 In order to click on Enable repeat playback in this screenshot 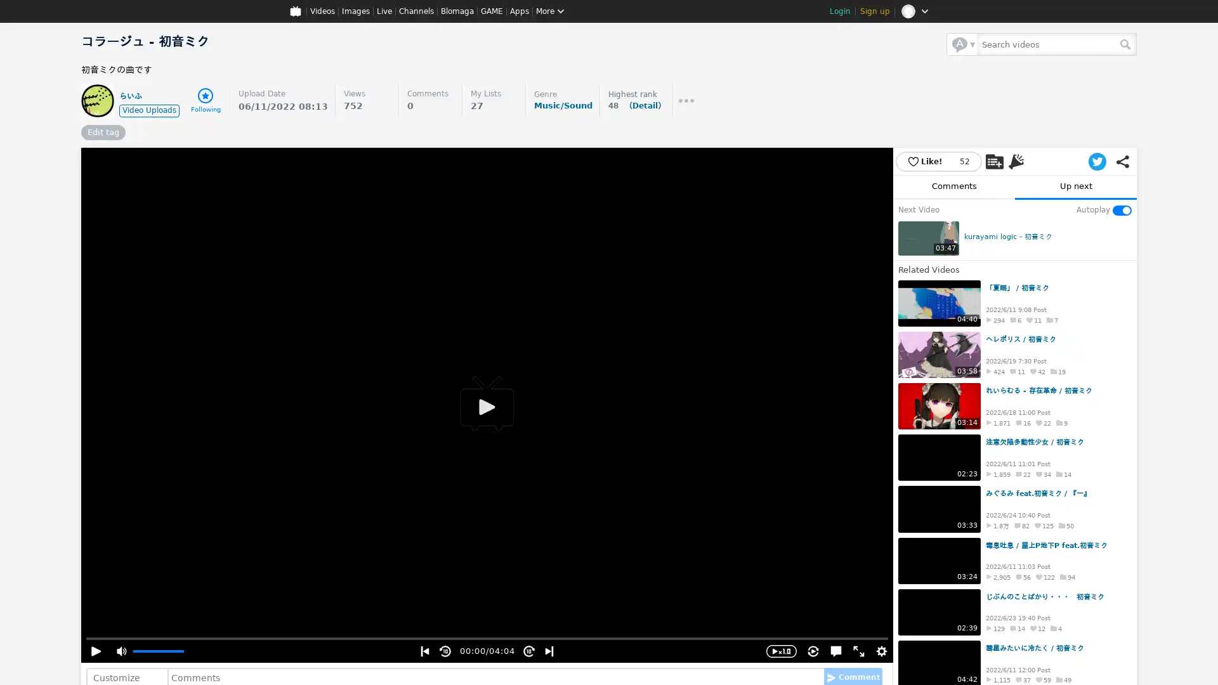, I will do `click(813, 651)`.